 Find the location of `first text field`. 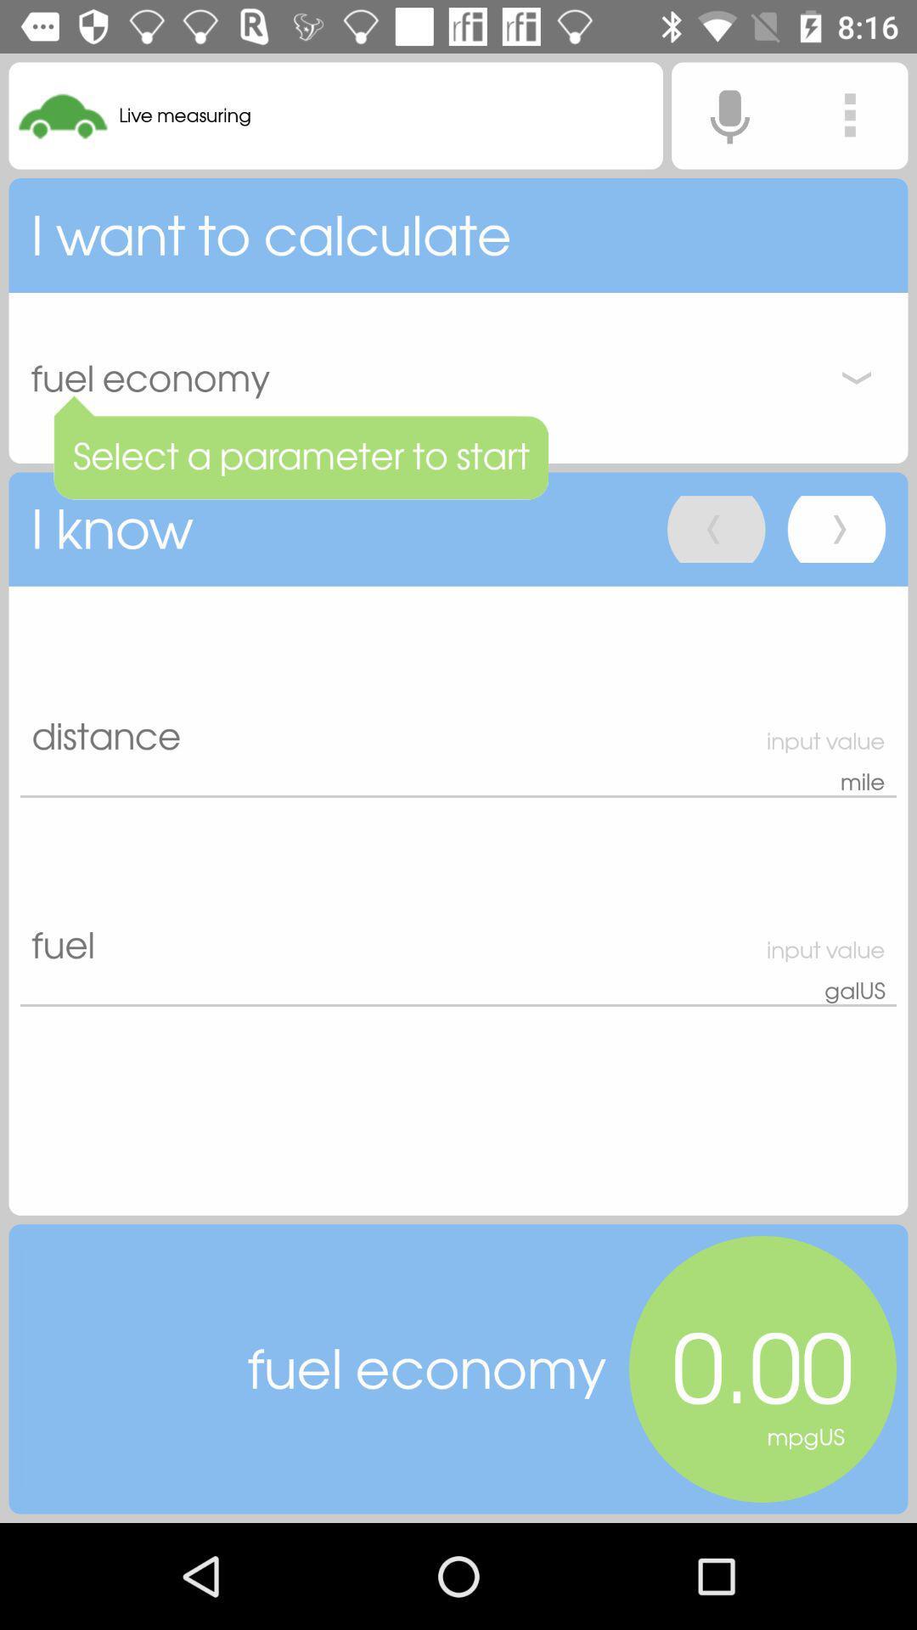

first text field is located at coordinates (458, 692).